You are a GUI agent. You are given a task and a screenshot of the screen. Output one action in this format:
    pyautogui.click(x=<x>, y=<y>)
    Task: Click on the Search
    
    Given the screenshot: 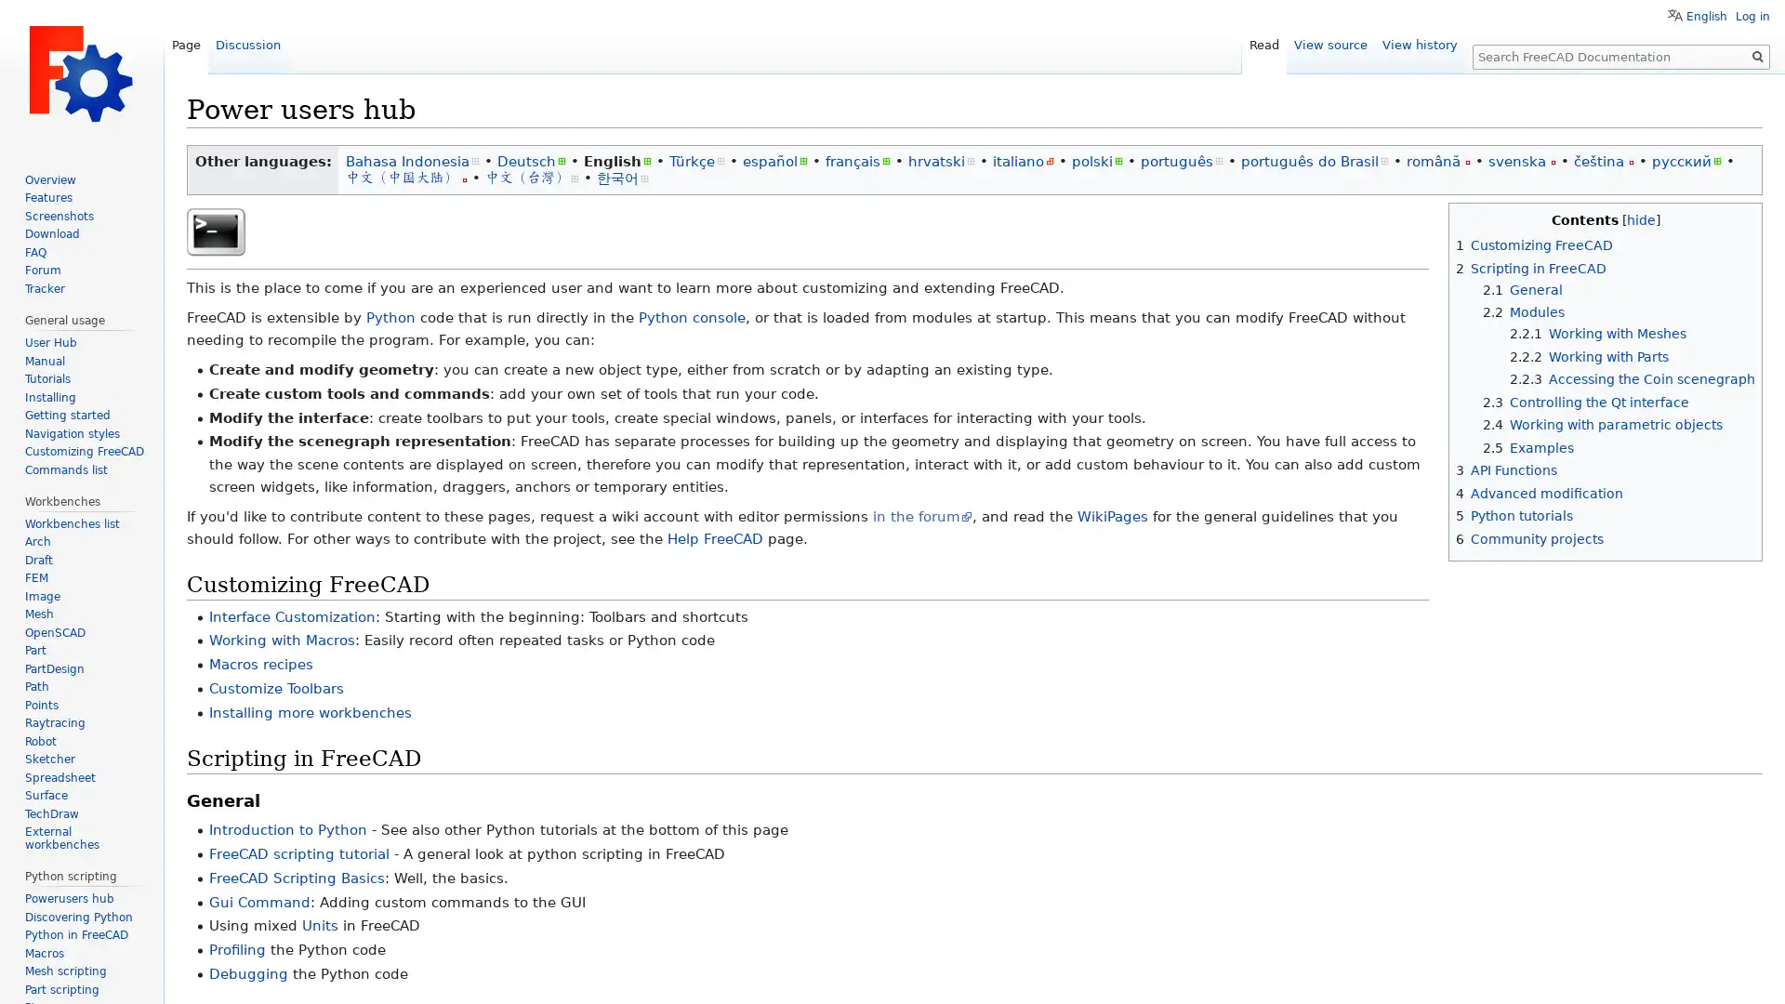 What is the action you would take?
    pyautogui.click(x=1757, y=56)
    